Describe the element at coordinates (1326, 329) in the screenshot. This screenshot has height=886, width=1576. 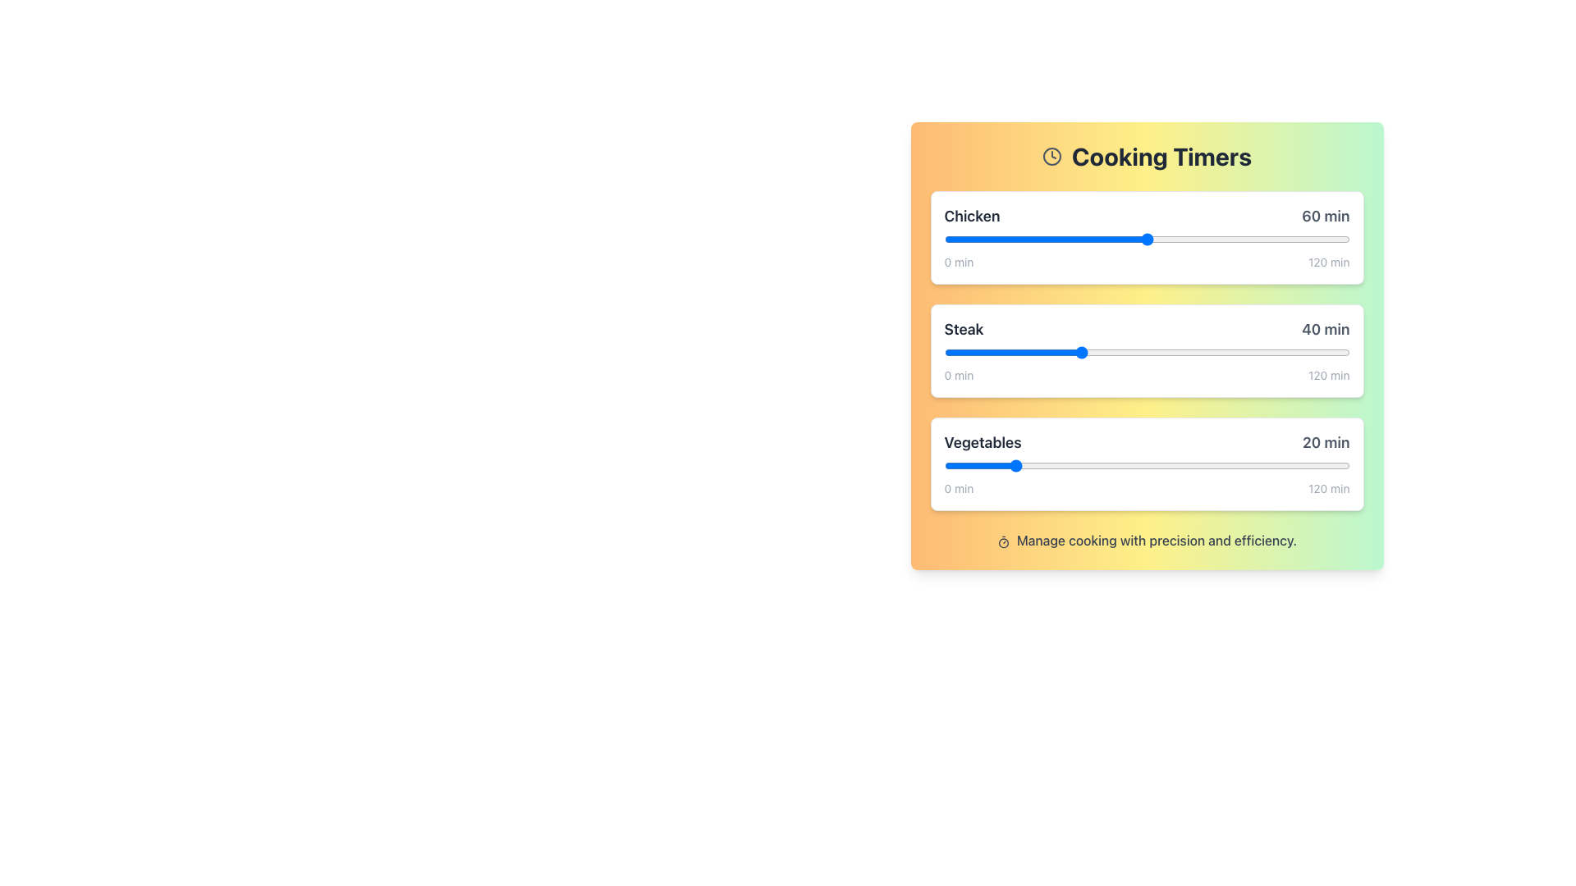
I see `the text component displaying '40 min', which is part of the 'Steak' timer module and is positioned adjacent to the horizontal slider` at that location.